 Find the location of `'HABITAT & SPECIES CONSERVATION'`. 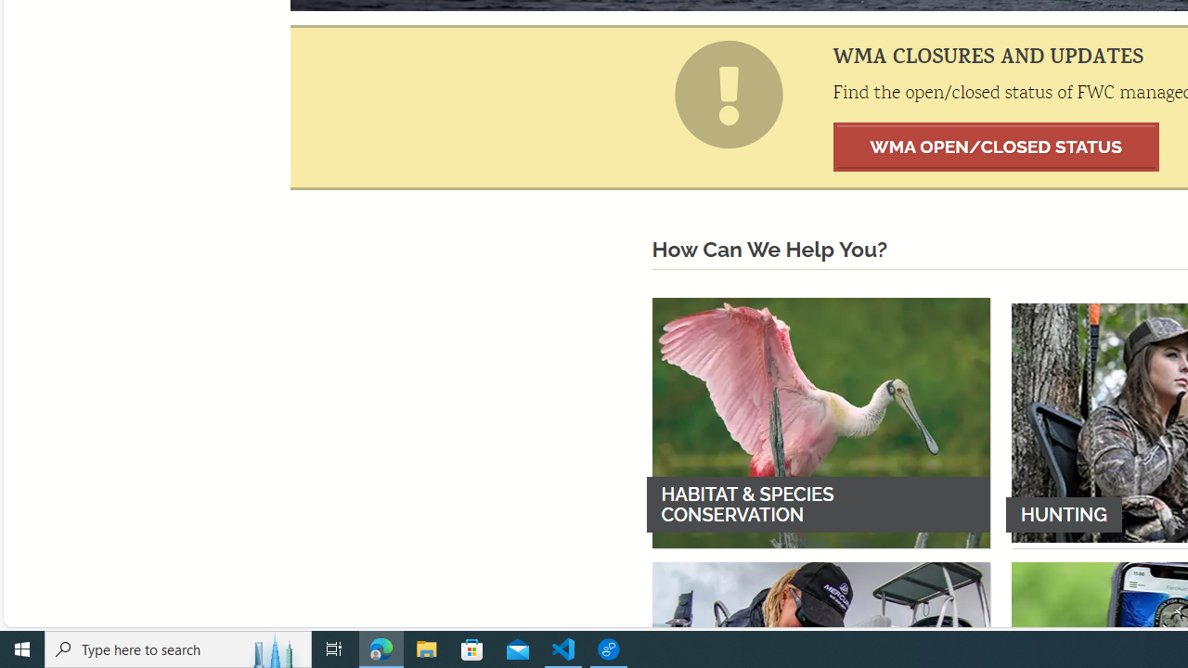

'HABITAT & SPECIES CONSERVATION' is located at coordinates (820, 422).